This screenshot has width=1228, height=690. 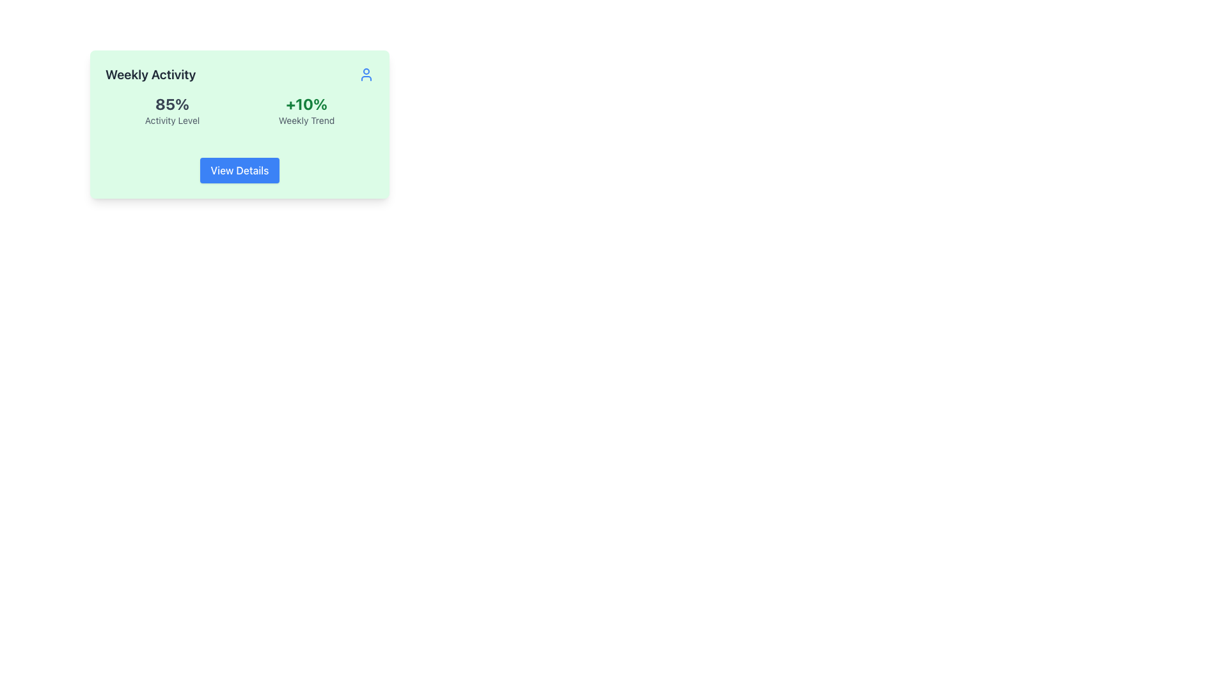 What do you see at coordinates (306, 103) in the screenshot?
I see `the percentage value display located in the center-right section of the card interface, which is above the 'Weekly Trend' text` at bounding box center [306, 103].